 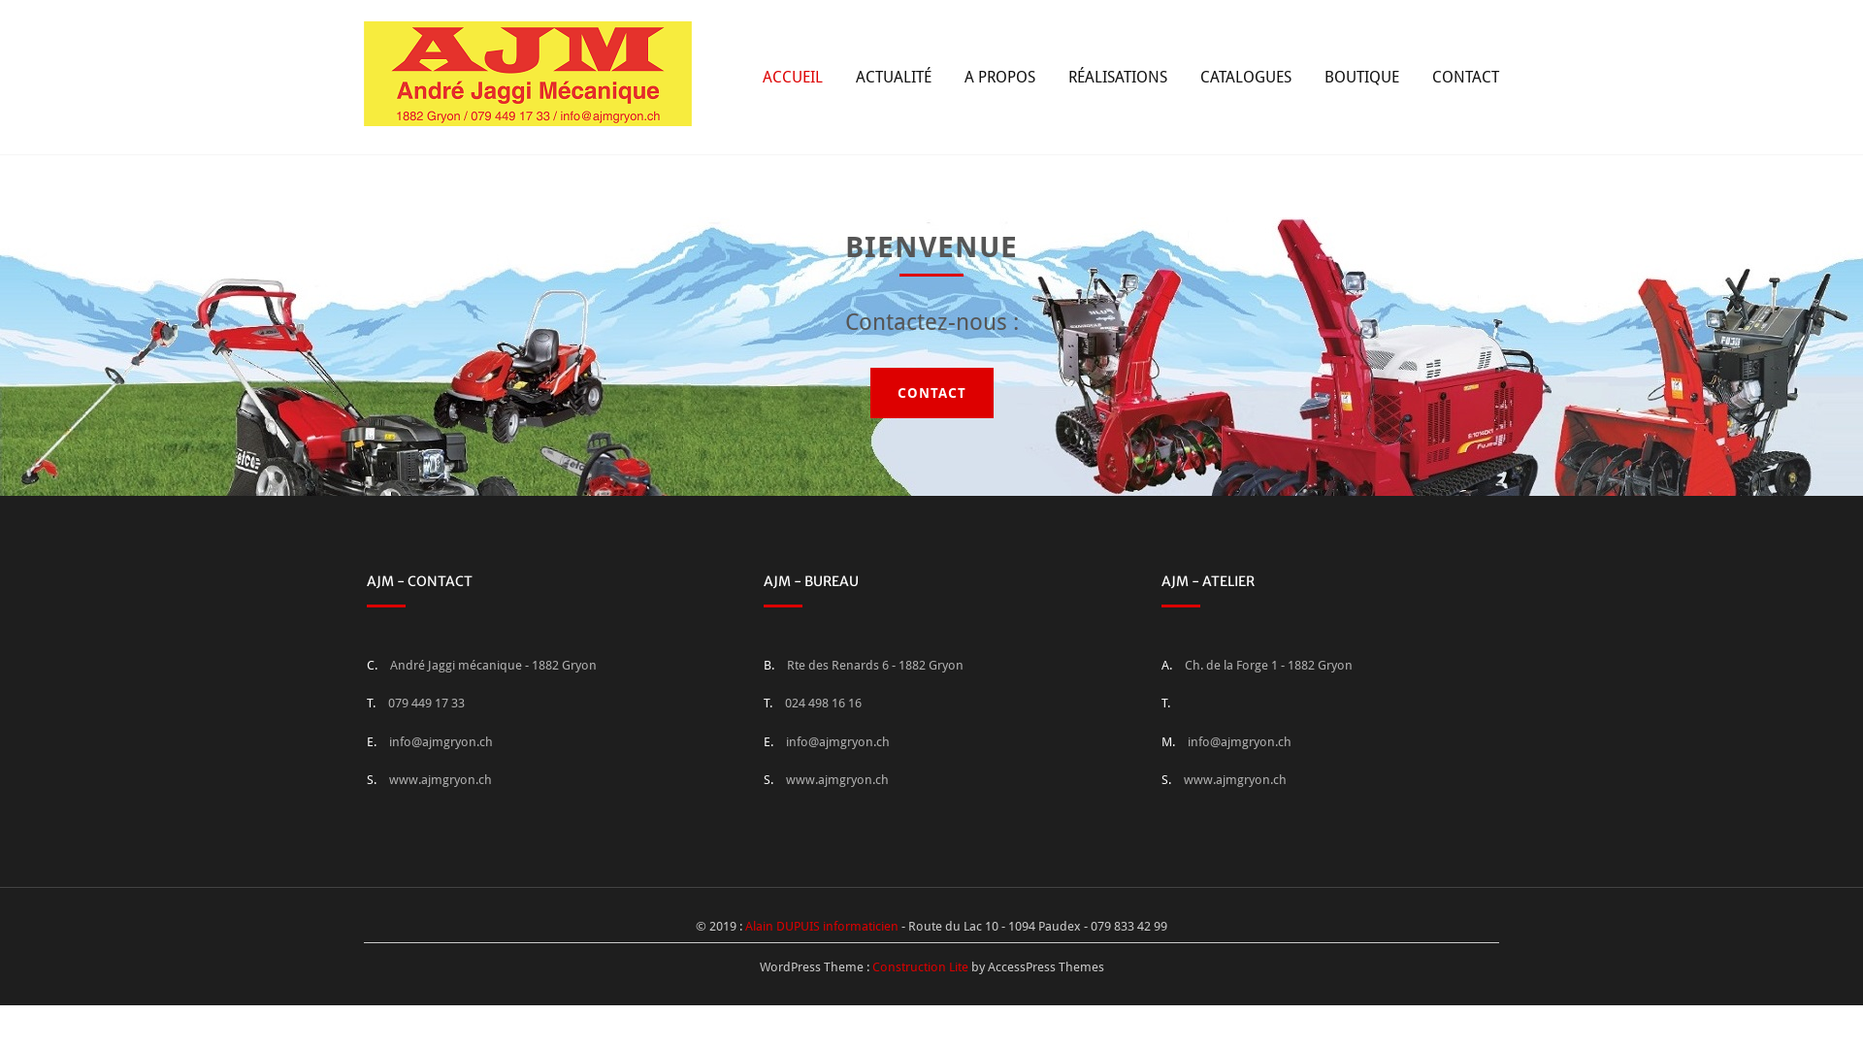 What do you see at coordinates (1360, 75) in the screenshot?
I see `'BOUTIQUE'` at bounding box center [1360, 75].